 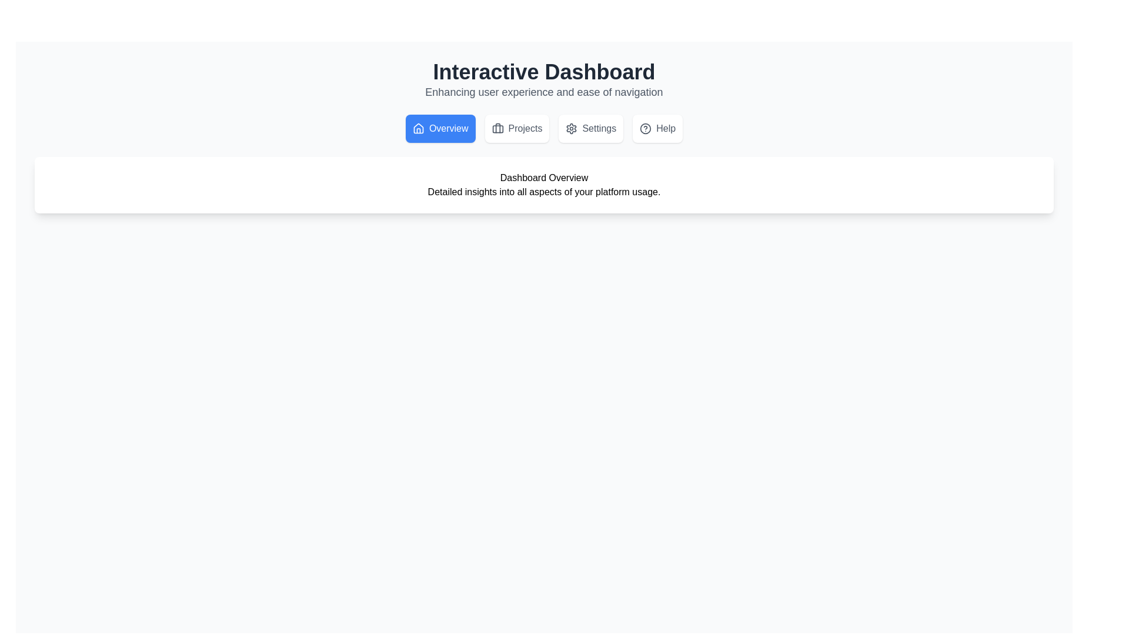 I want to click on the settings button located in the navigation bar under the header 'Interactive Dashboard', so click(x=591, y=129).